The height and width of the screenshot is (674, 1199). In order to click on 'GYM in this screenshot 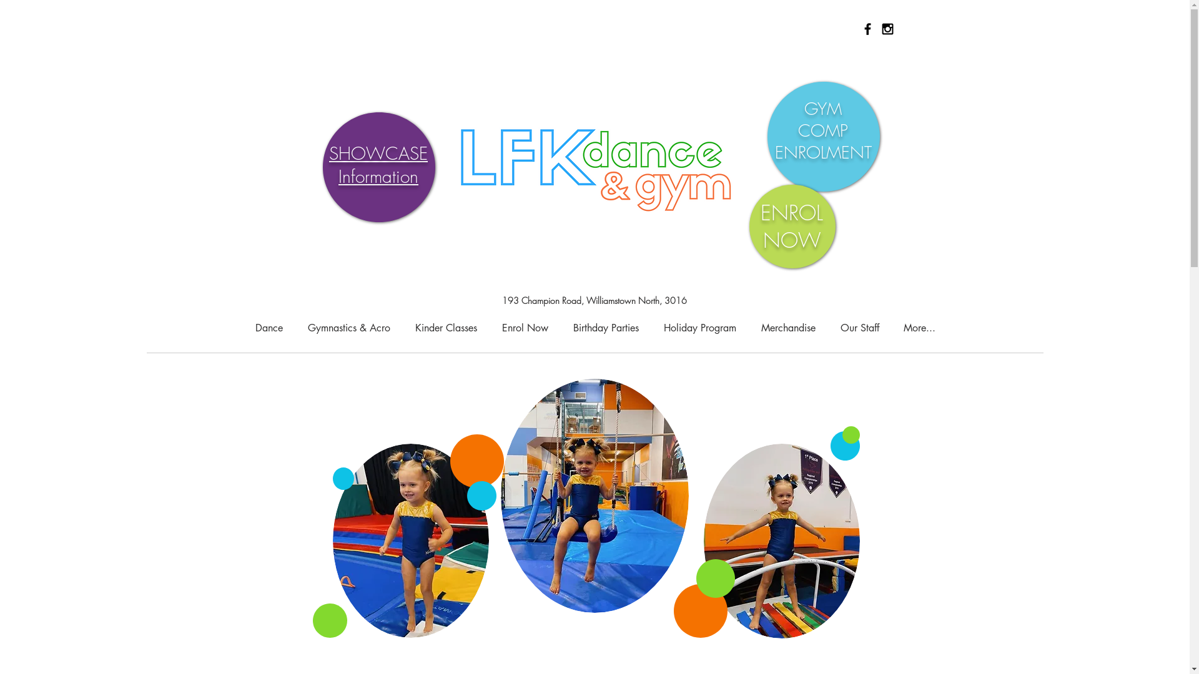, I will do `click(822, 130)`.